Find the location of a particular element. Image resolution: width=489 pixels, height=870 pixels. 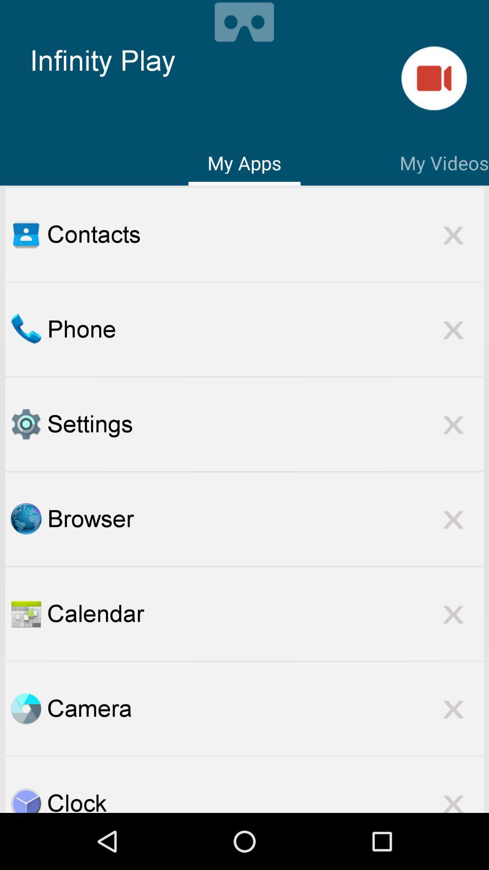

open the calendar is located at coordinates (25, 614).